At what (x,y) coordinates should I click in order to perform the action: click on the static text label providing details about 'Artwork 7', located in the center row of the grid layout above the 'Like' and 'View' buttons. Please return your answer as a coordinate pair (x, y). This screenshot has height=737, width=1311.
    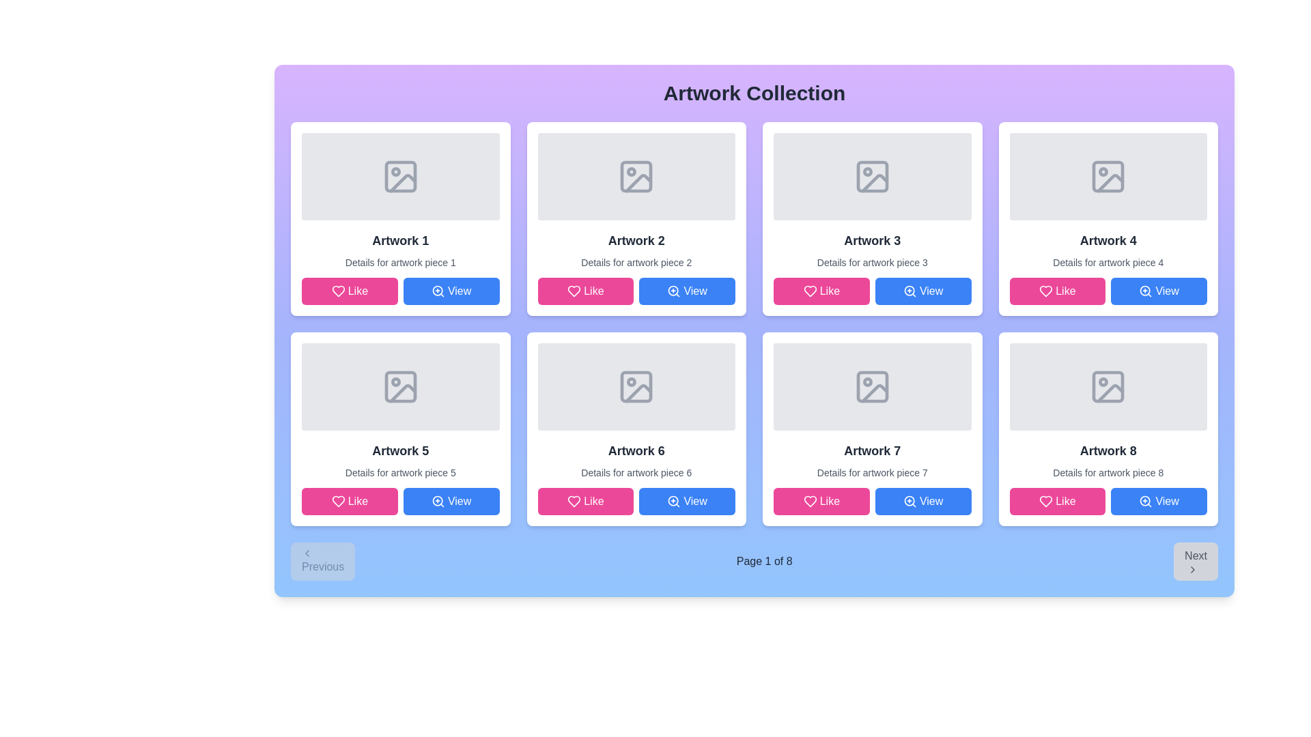
    Looking at the image, I should click on (871, 472).